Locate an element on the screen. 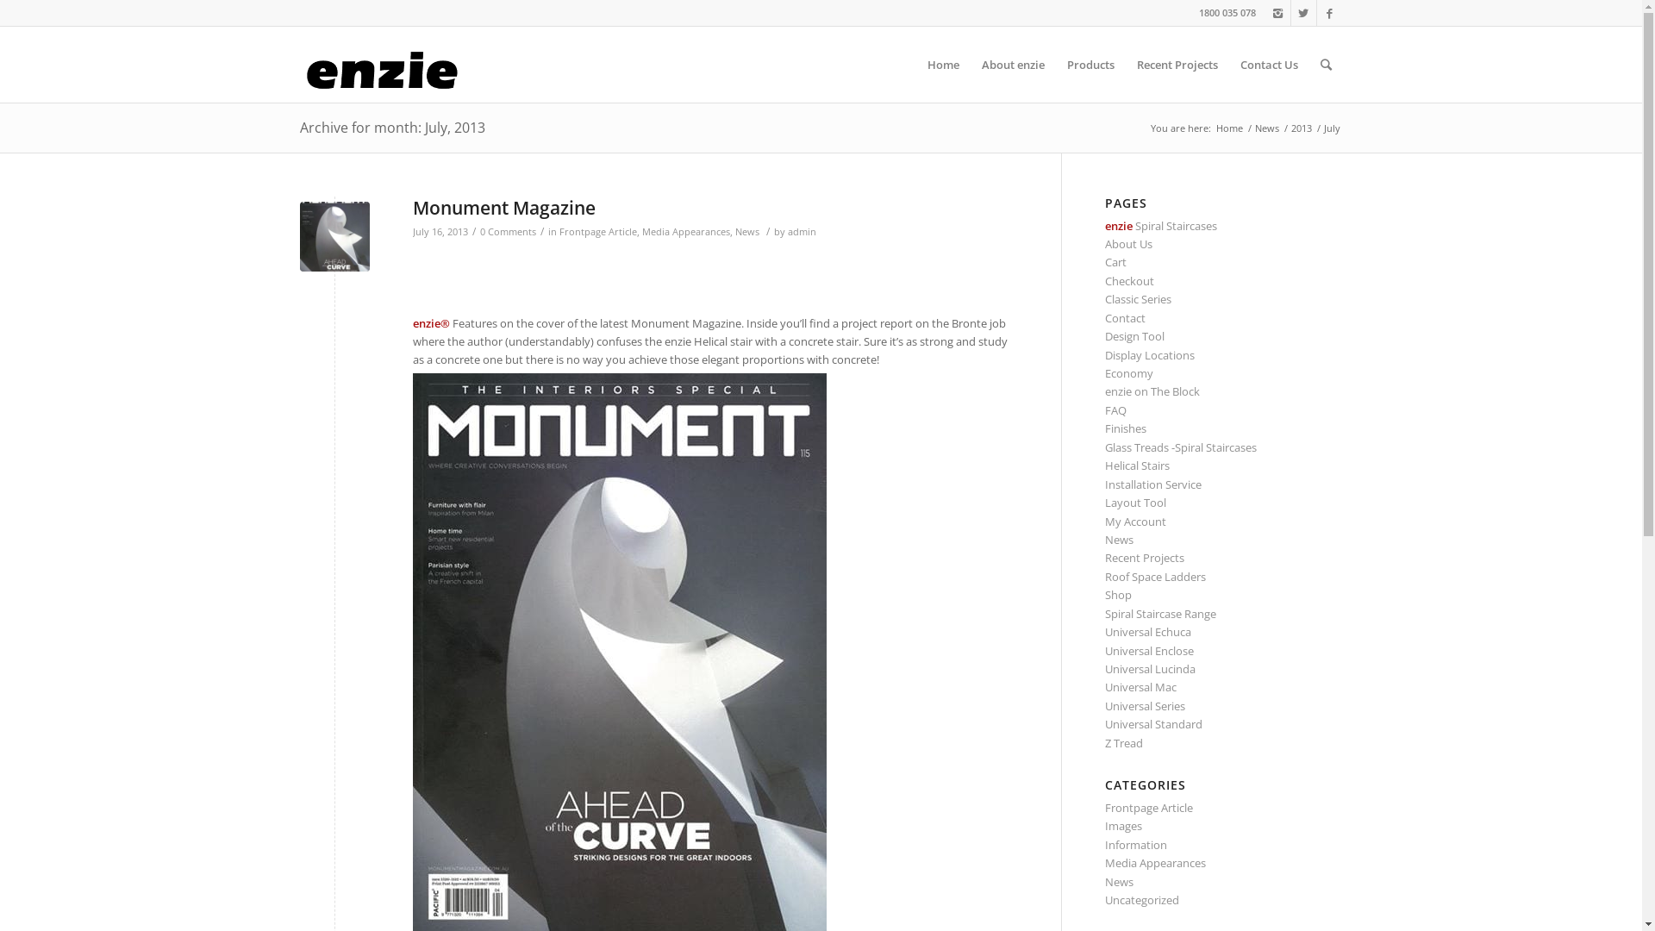 This screenshot has height=931, width=1655. 'Universal Enclose' is located at coordinates (1149, 651).